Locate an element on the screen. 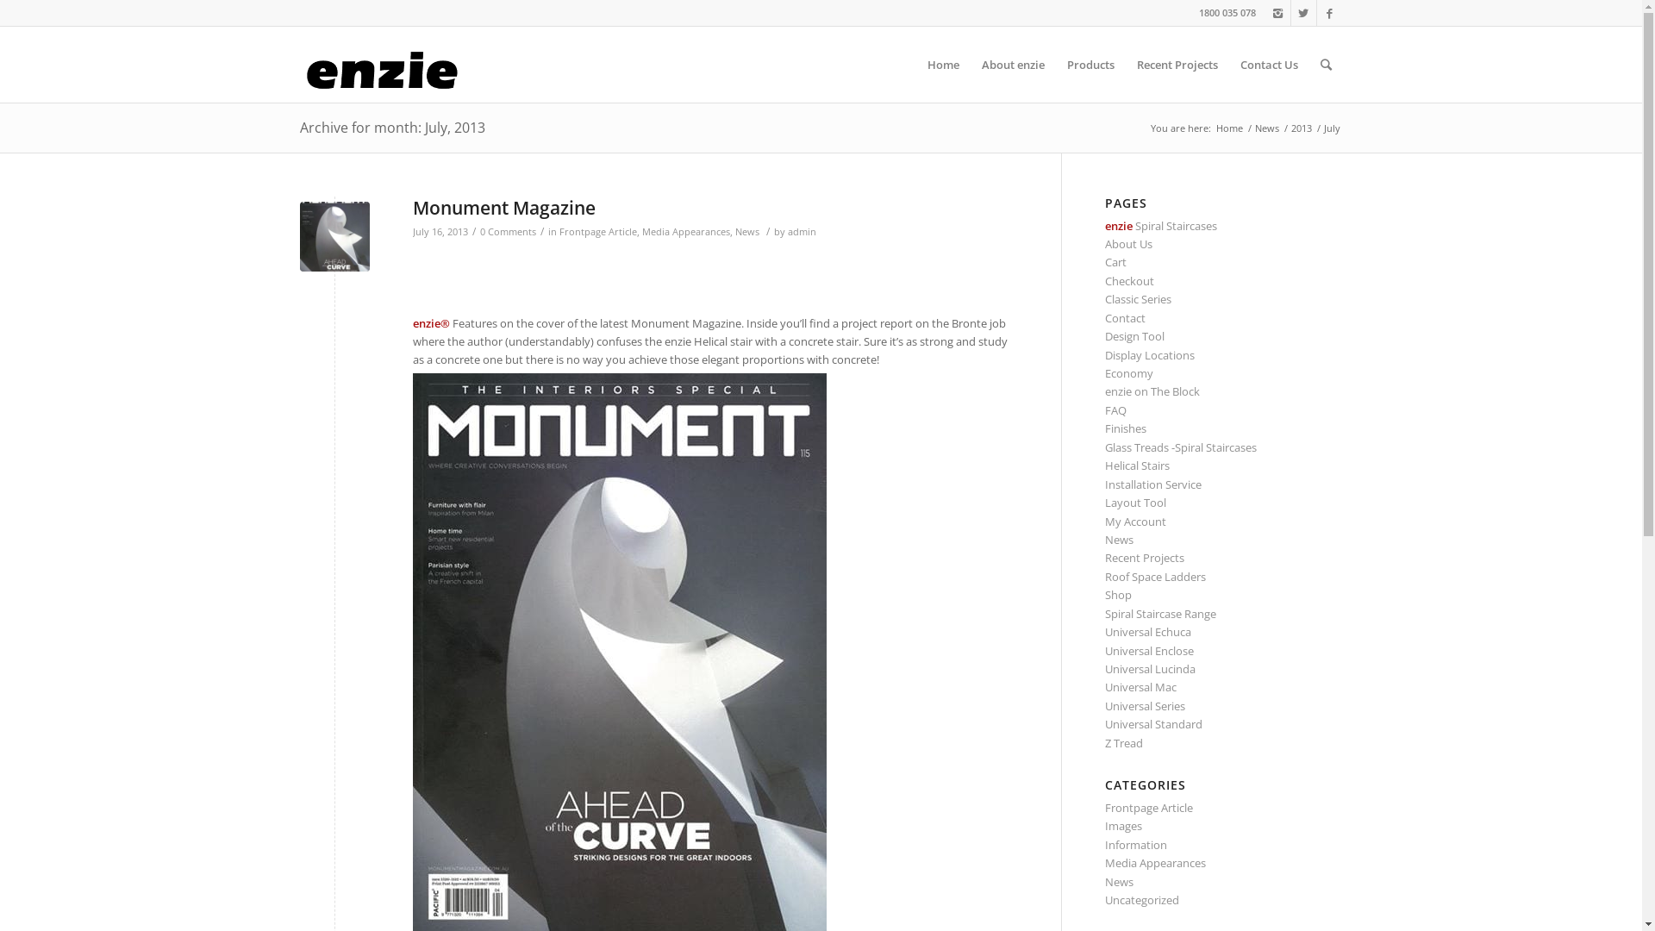 This screenshot has height=931, width=1655. 'Universal Enclose' is located at coordinates (1149, 651).